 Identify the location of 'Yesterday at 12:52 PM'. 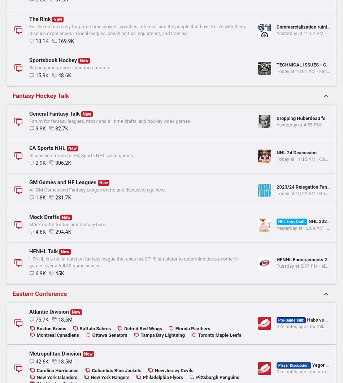
(177, 143).